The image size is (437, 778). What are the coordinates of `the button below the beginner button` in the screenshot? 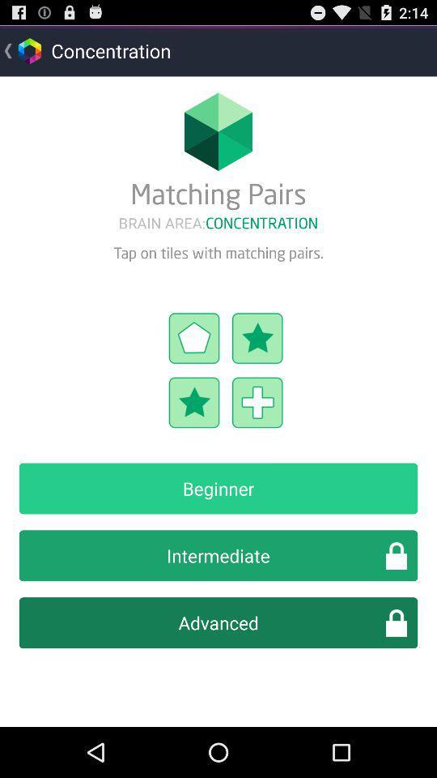 It's located at (218, 555).